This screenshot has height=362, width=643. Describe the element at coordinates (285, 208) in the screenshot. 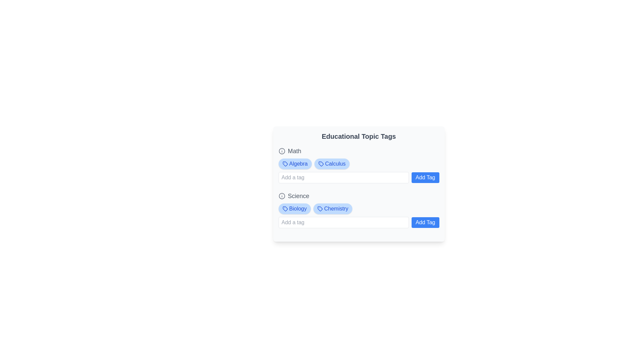

I see `the graphical tag icon representing 'Biology' located within the rounded blue button, positioned to the left of the 'Biology' text` at that location.